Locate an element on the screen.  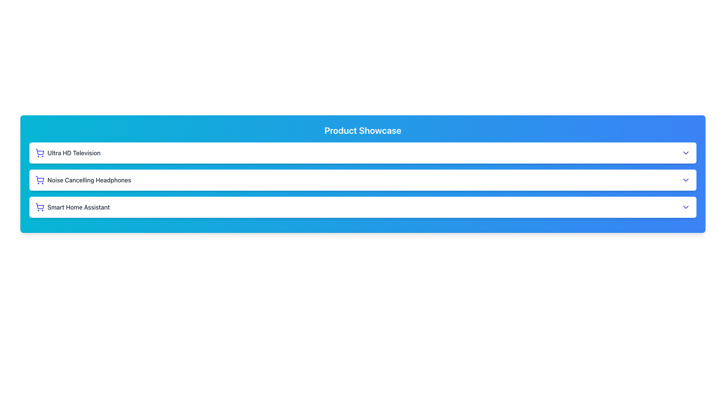
the text label that reads 'Noise Cancelling Headphones', which is located in the second row of products, styled in a medium-weight font and dark gray color, part of a horizontal row with a shopping cart icon on its left is located at coordinates (89, 180).